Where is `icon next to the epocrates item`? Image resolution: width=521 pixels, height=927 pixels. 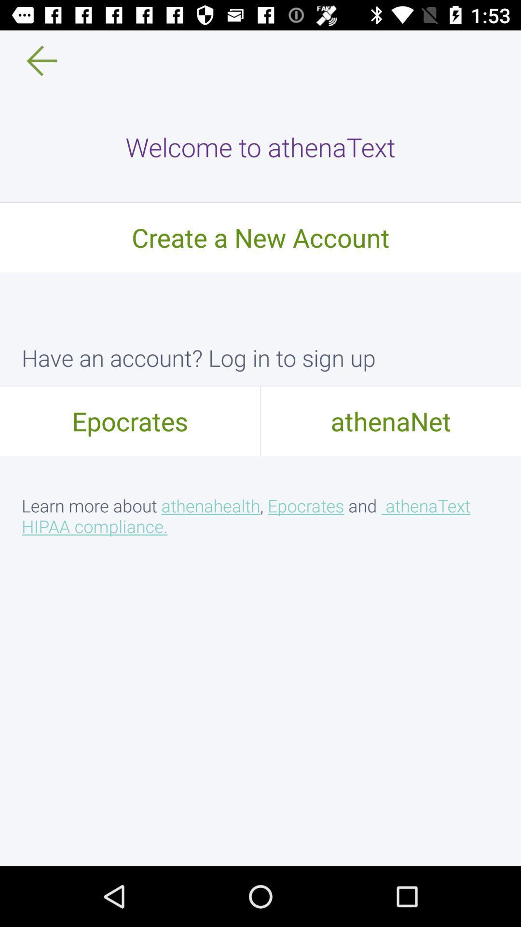 icon next to the epocrates item is located at coordinates (391, 421).